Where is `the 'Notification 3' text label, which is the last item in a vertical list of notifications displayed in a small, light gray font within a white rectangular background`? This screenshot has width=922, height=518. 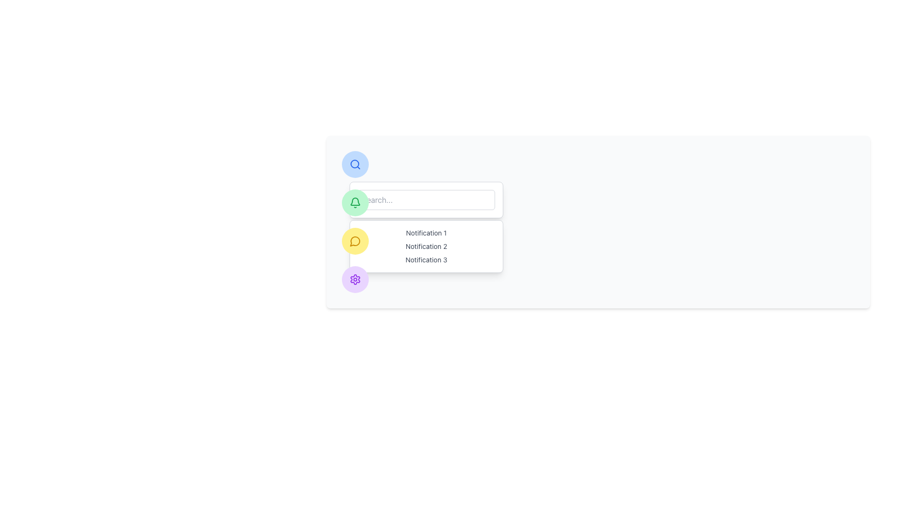 the 'Notification 3' text label, which is the last item in a vertical list of notifications displayed in a small, light gray font within a white rectangular background is located at coordinates (426, 260).